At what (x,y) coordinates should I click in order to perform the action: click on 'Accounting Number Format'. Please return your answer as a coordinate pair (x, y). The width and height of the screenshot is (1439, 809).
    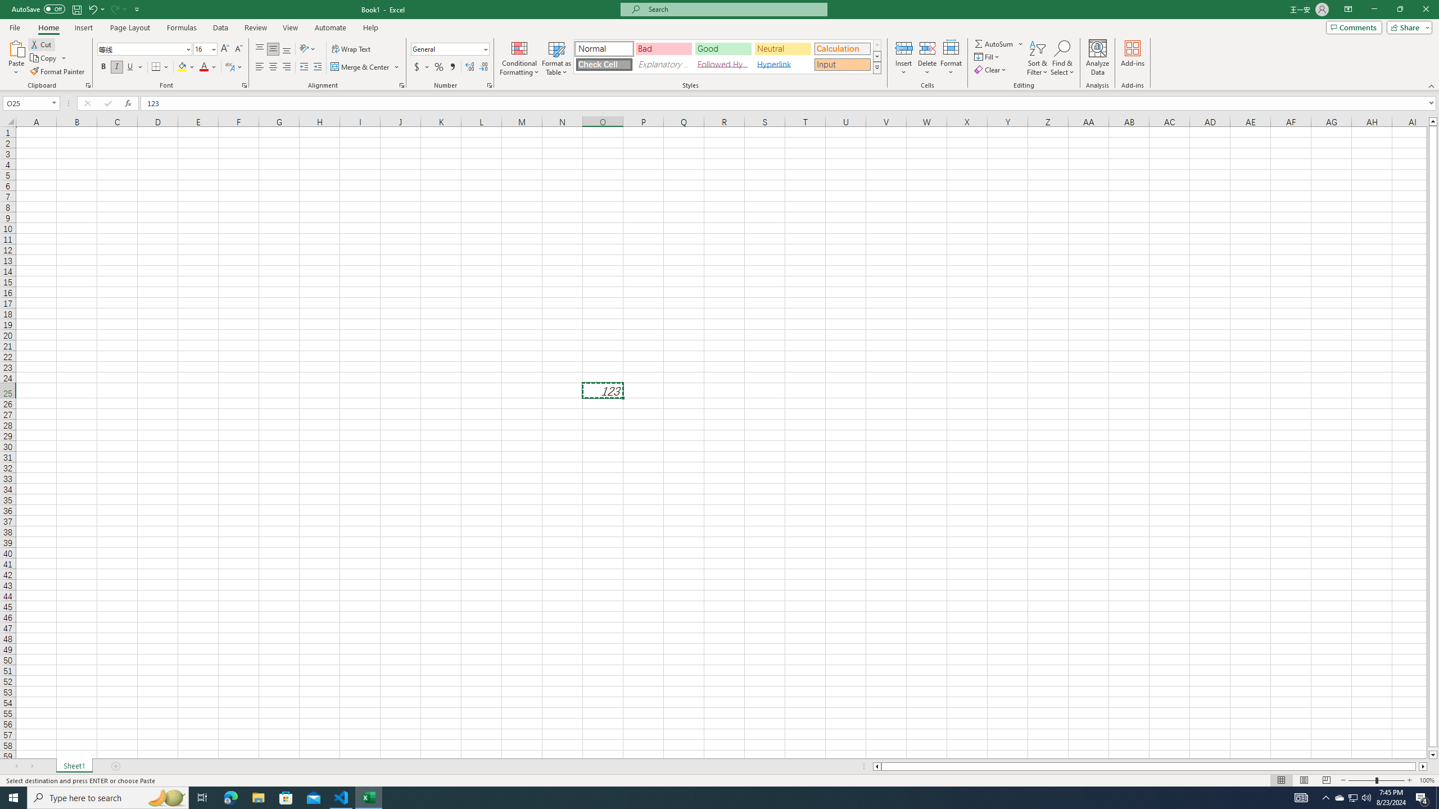
    Looking at the image, I should click on (422, 66).